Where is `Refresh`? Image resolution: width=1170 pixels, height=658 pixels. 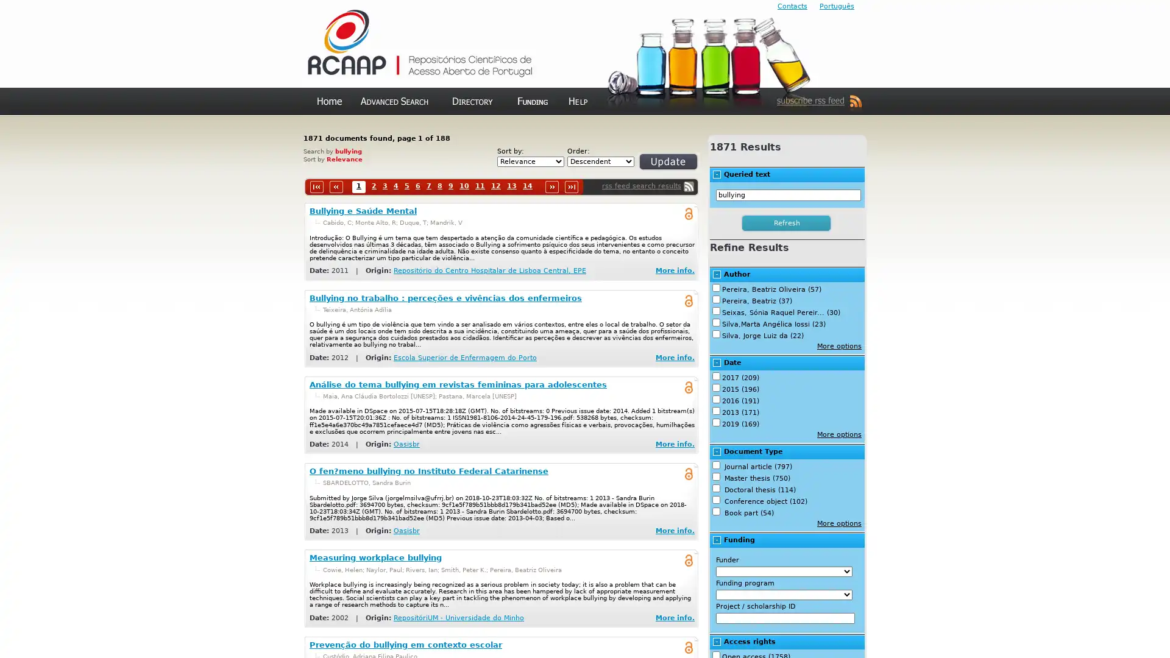
Refresh is located at coordinates (787, 223).